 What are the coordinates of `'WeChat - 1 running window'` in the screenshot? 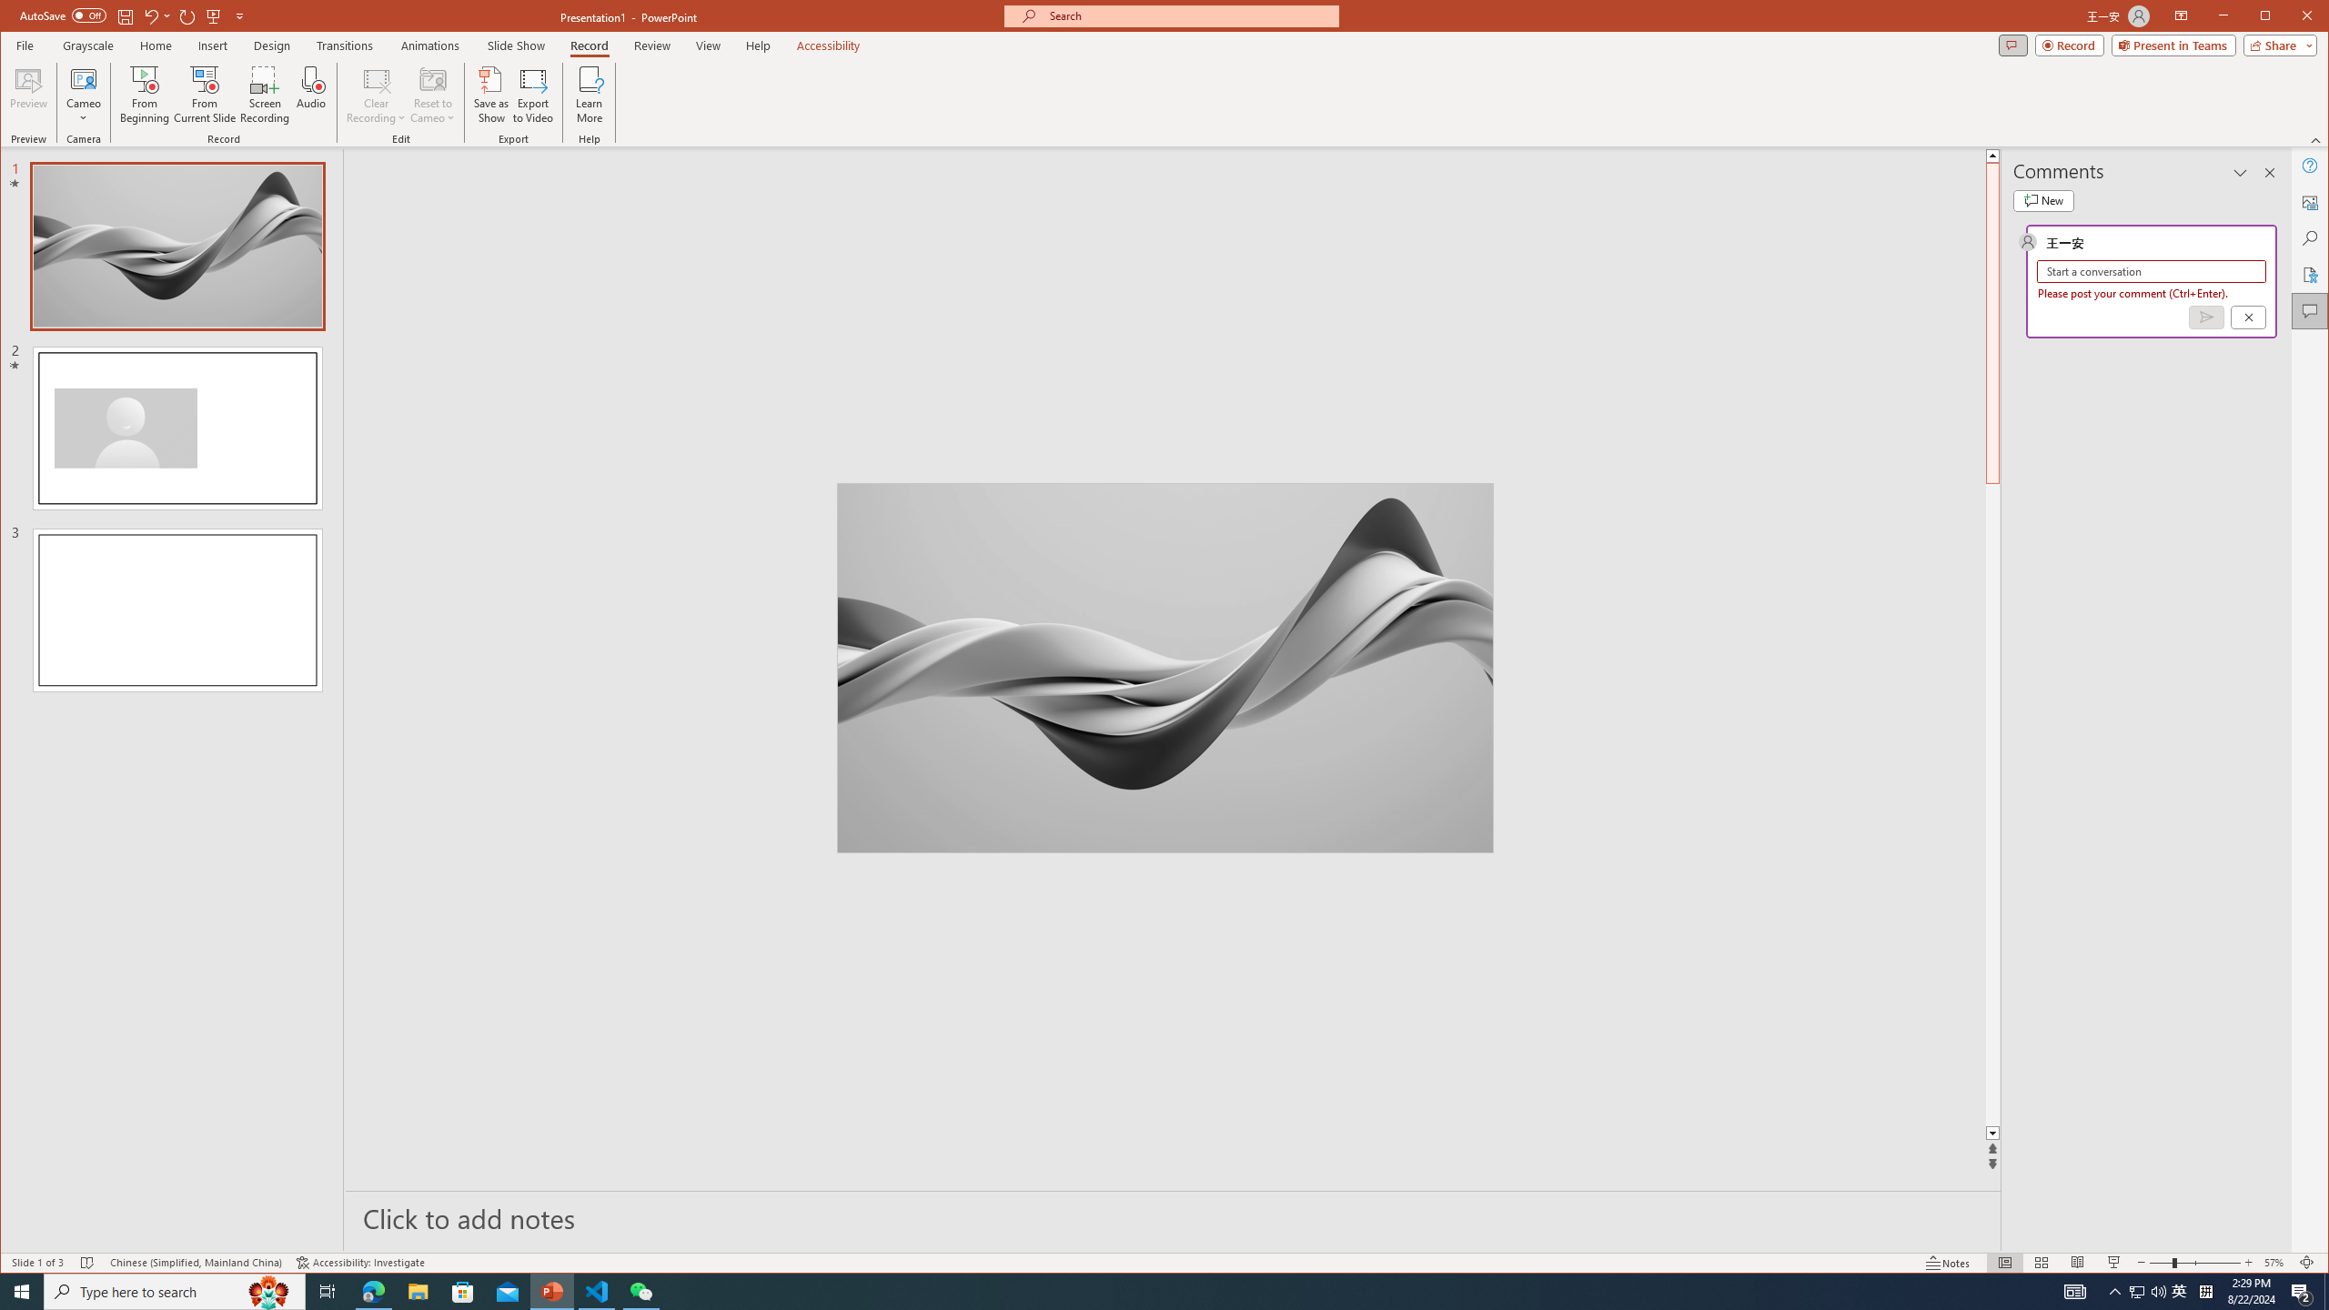 It's located at (641, 1290).